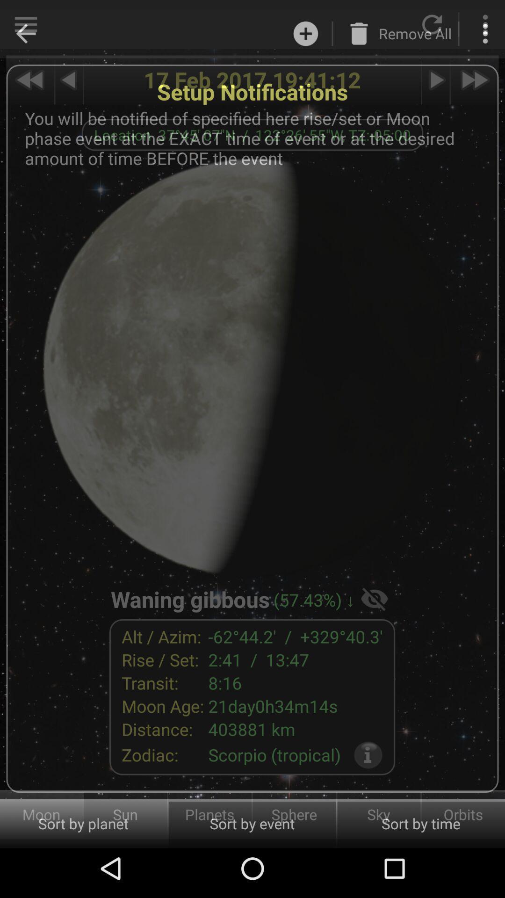  I want to click on the av_forward icon, so click(475, 80).